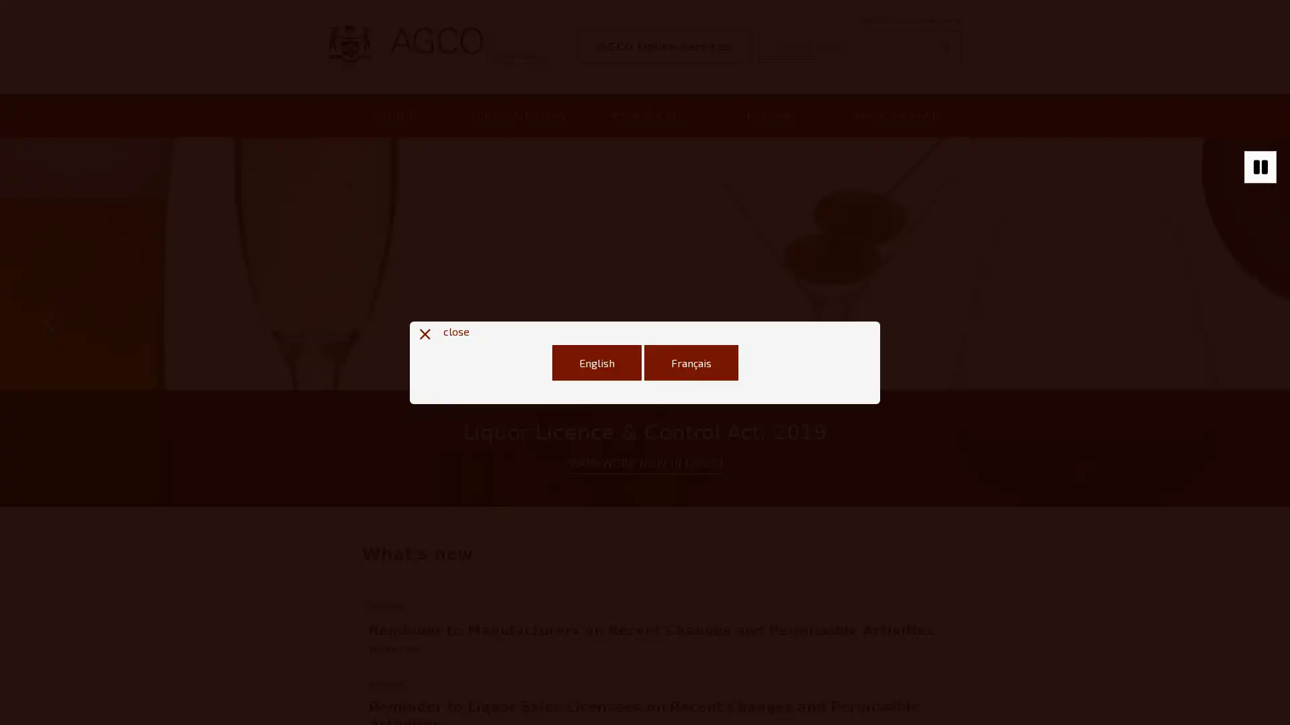 The height and width of the screenshot is (725, 1290). What do you see at coordinates (1260, 166) in the screenshot?
I see `Stop autoplaying of carousel` at bounding box center [1260, 166].